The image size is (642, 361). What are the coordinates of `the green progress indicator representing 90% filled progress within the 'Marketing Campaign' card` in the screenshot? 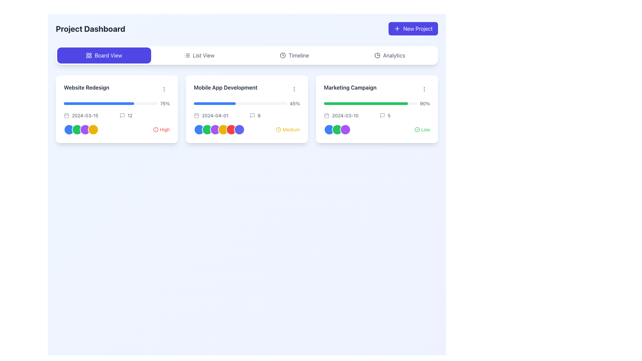 It's located at (365, 103).